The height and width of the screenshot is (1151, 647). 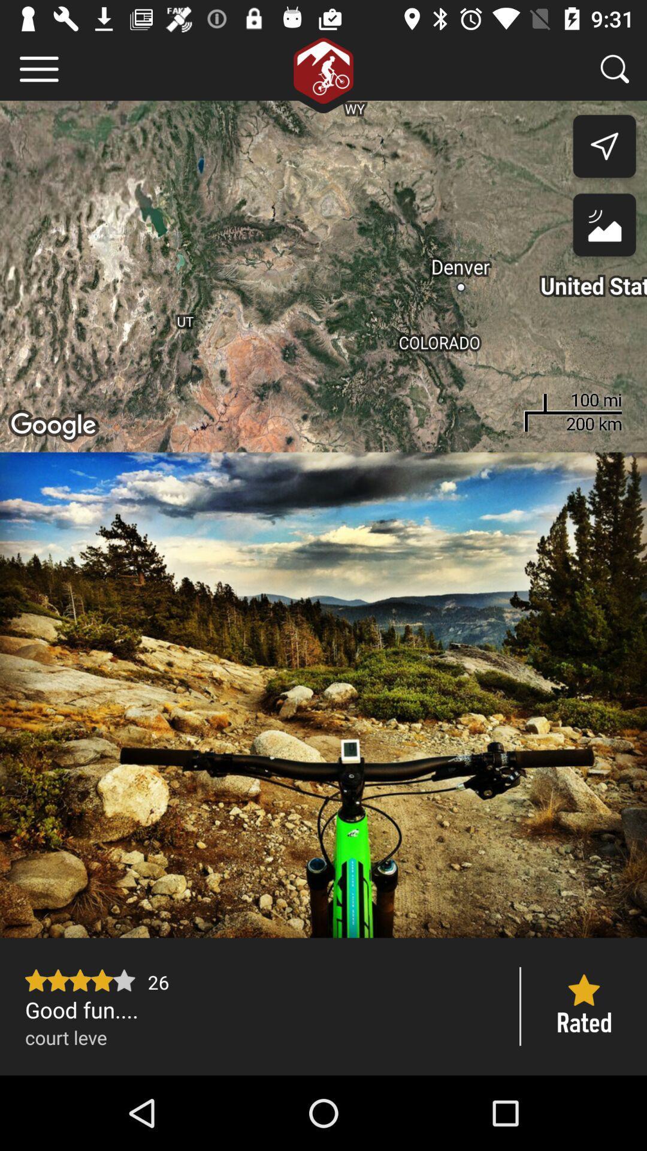 I want to click on settings, so click(x=38, y=68).